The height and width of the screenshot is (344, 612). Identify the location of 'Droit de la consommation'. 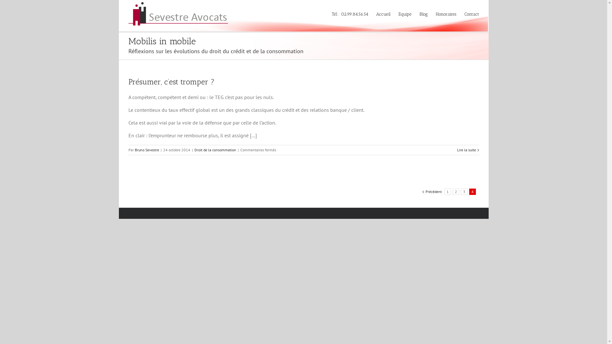
(215, 150).